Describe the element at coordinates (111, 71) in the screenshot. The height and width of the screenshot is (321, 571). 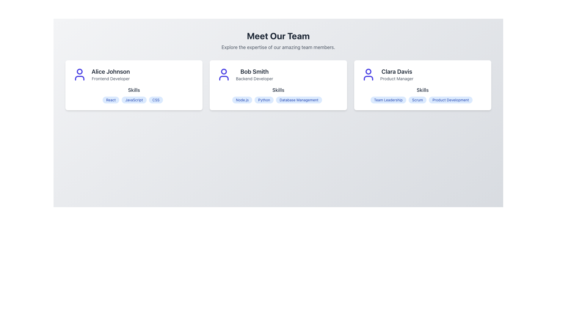
I see `the text label displaying 'Alice Johnson', which serves as an identifier within the first card of a horizontally aligned list` at that location.